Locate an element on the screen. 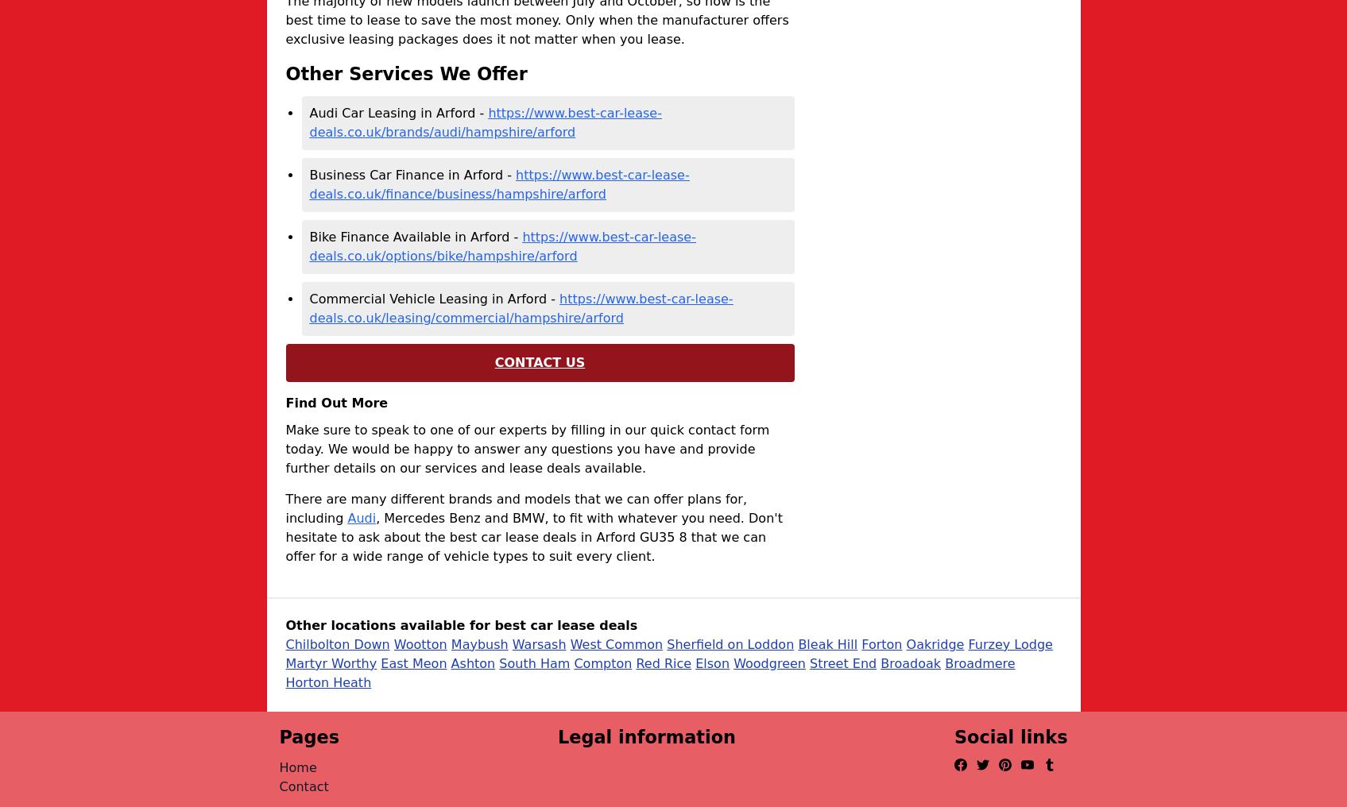 The height and width of the screenshot is (807, 1347). 'Bleak Hill' is located at coordinates (826, 643).